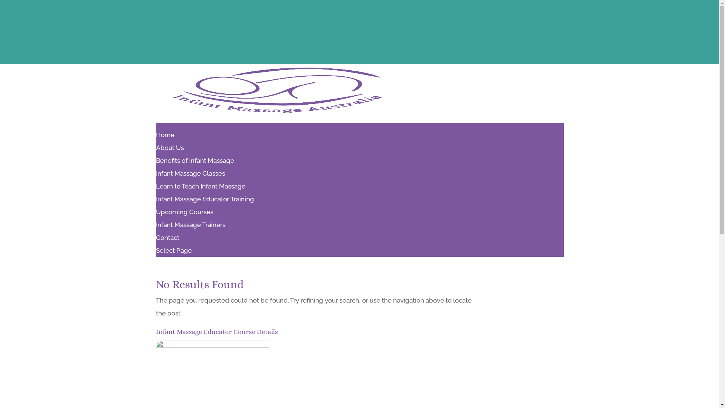 The image size is (725, 408). I want to click on 'Home', so click(164, 138).